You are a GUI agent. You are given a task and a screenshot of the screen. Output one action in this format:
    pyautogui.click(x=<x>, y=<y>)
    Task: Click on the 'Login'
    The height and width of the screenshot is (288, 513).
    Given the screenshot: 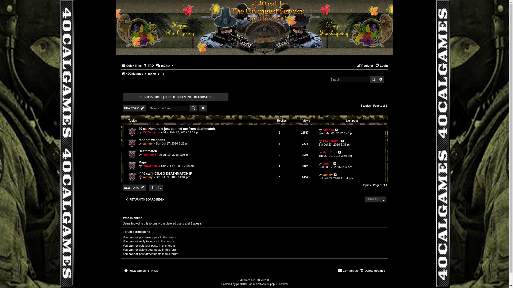 What is the action you would take?
    pyautogui.click(x=381, y=65)
    